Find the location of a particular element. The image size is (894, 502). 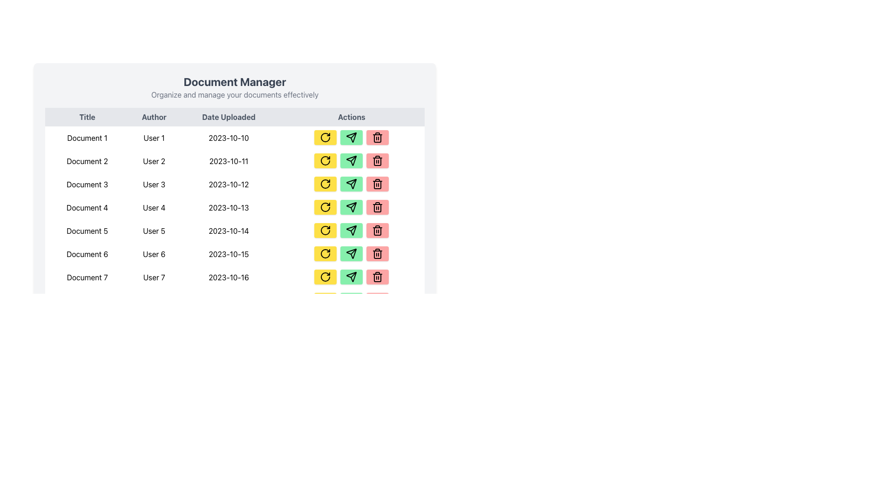

the refresh icon located in the 'Actions' column of the table interface in the sixth row for 'Document 6' is located at coordinates (325, 254).